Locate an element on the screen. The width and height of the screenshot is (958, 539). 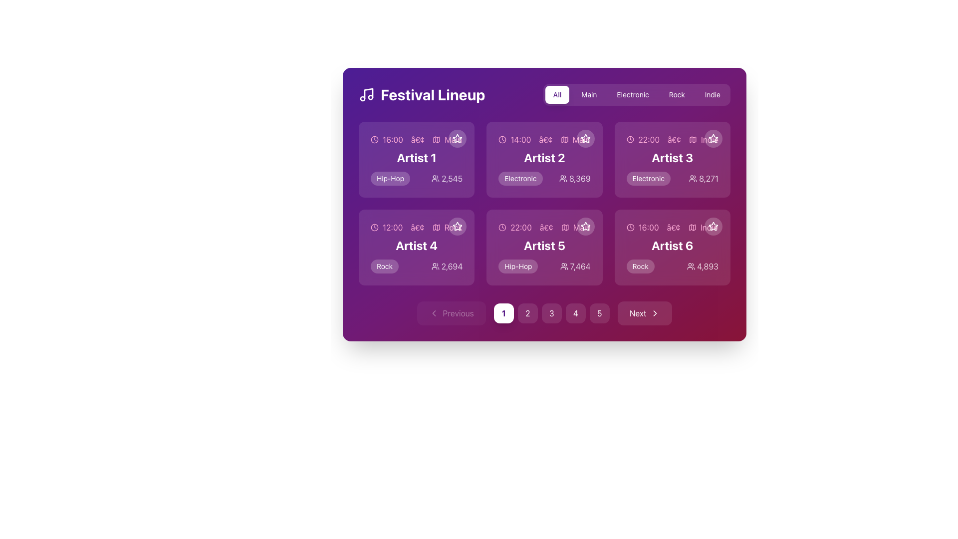
the favorite or bookmark icon located in the upper-right corner of the 'Artist 1' card is located at coordinates (457, 138).